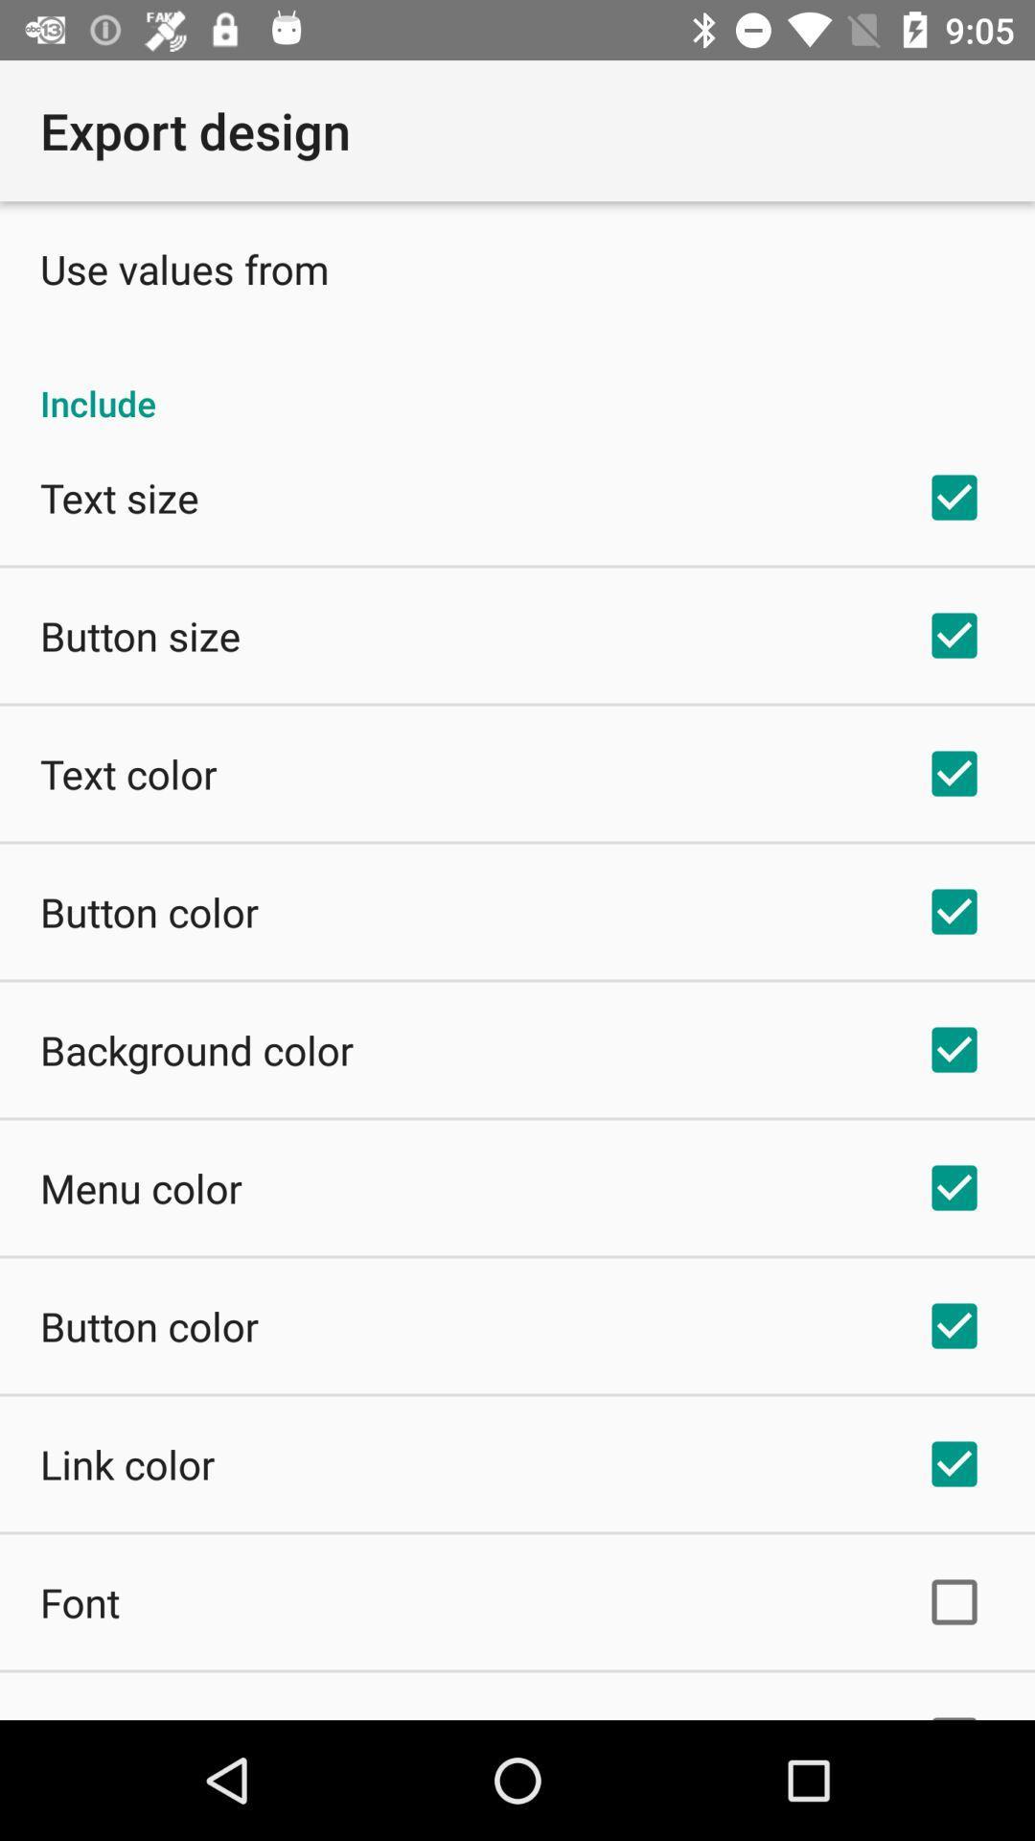 This screenshot has height=1841, width=1035. What do you see at coordinates (79, 1601) in the screenshot?
I see `font item` at bounding box center [79, 1601].